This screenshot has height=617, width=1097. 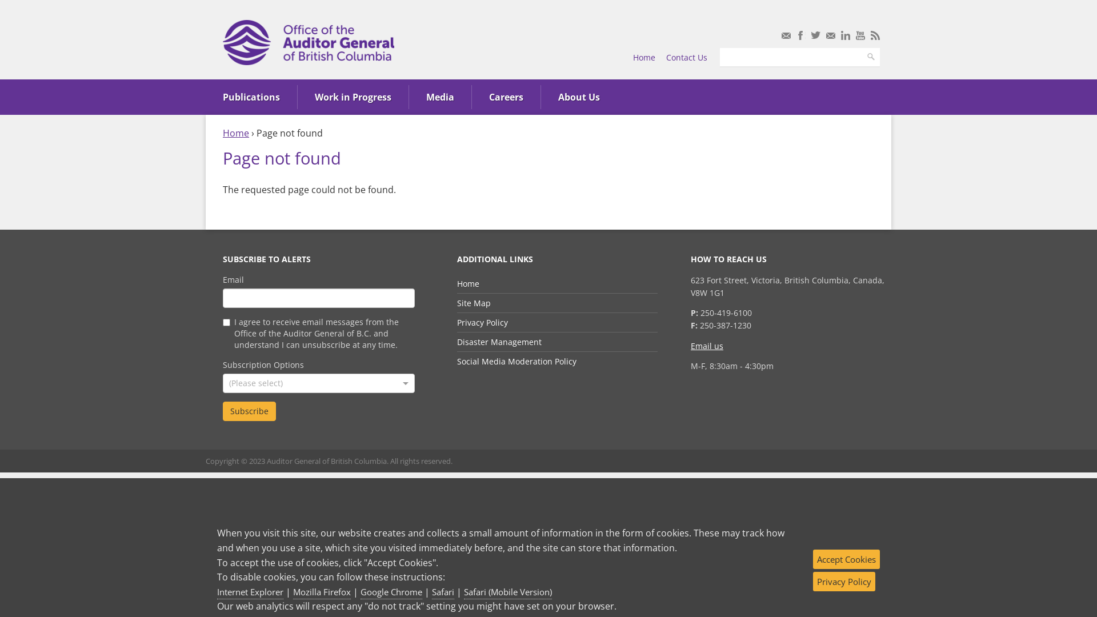 I want to click on 'Home', so click(x=644, y=57).